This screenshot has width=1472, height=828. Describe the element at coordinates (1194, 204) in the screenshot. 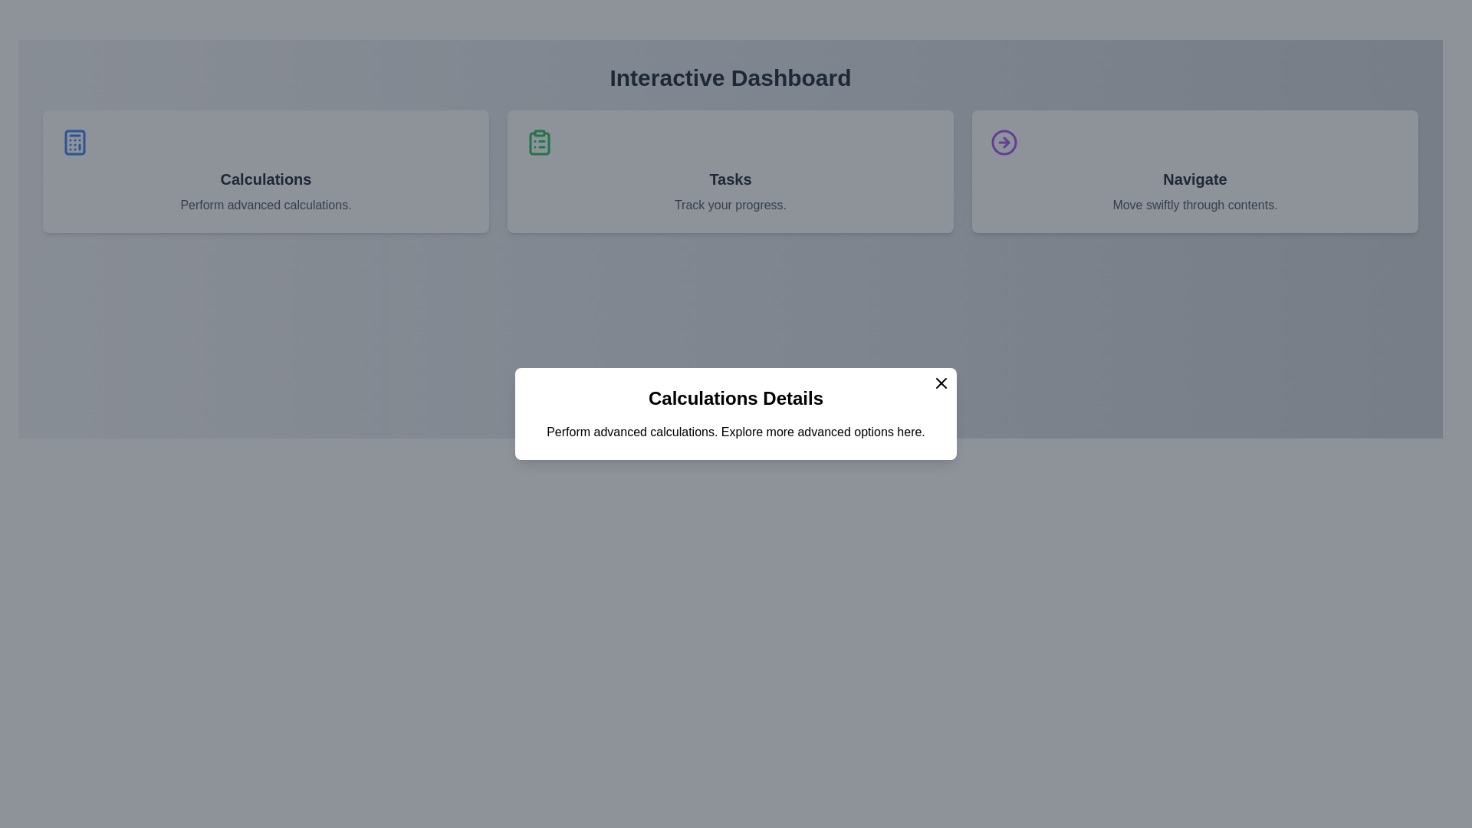

I see `the text label that contains 'Move swiftly through contents.' located below the 'Navigate' heading within a rounded, shadowed card layout` at that location.